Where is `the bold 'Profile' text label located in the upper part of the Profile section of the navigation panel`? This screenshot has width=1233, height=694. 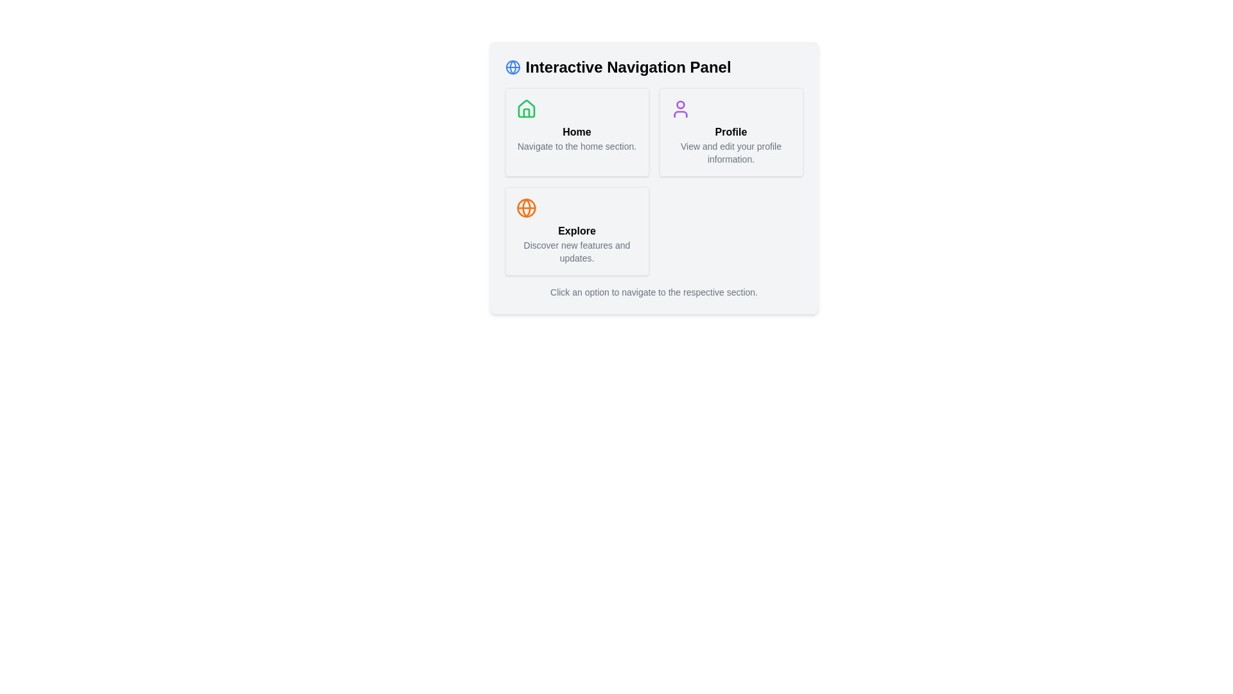
the bold 'Profile' text label located in the upper part of the Profile section of the navigation panel is located at coordinates (731, 132).